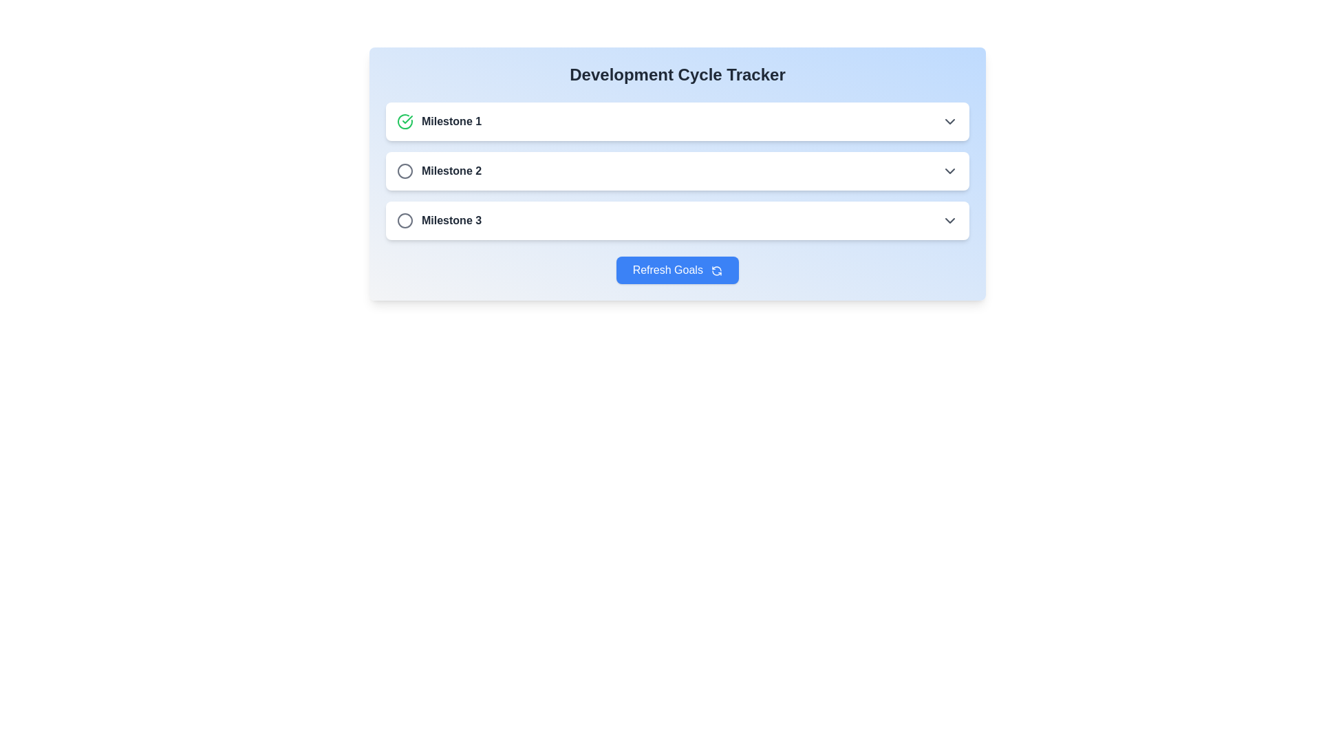 This screenshot has height=743, width=1321. Describe the element at coordinates (407, 118) in the screenshot. I see `the status icon indicating the completion of 'Milestone 1', which is located to the left of the text in the milestone list` at that location.